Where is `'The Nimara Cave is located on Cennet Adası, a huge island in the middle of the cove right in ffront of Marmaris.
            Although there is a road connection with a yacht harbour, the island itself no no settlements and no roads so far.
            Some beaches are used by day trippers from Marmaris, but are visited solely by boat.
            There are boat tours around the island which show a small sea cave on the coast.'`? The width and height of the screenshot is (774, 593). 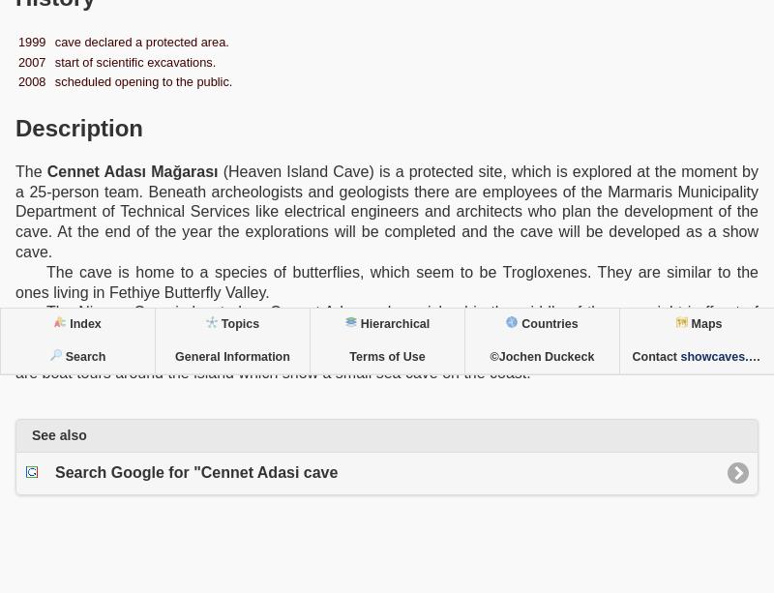
'The Nimara Cave is located on Cennet Adası, a huge island in the middle of the cove right in ffront of Marmaris.
            Although there is a road connection with a yacht harbour, the island itself no no settlements and no roads so far.
            Some beaches are used by day trippers from Marmaris, but are visited solely by boat.
            There are boat tours around the island which show a small sea cave on the coast.' is located at coordinates (387, 341).